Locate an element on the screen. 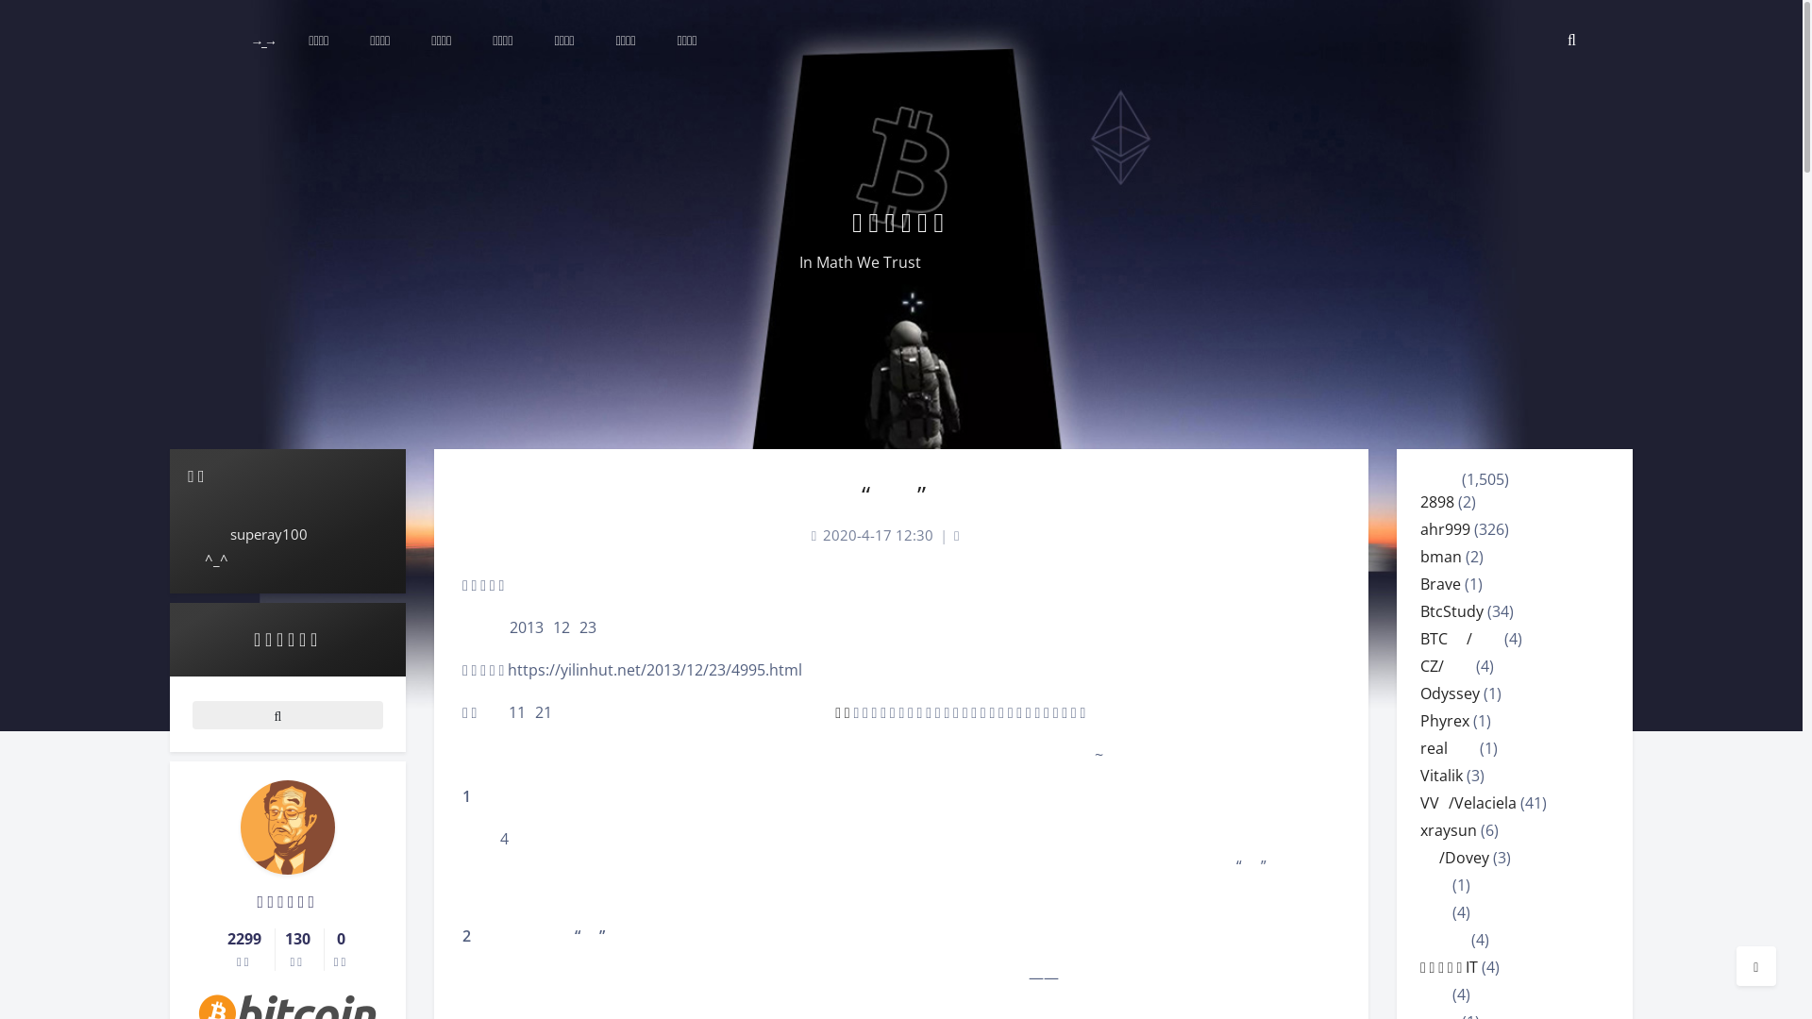  'Phyrex' is located at coordinates (1444, 720).